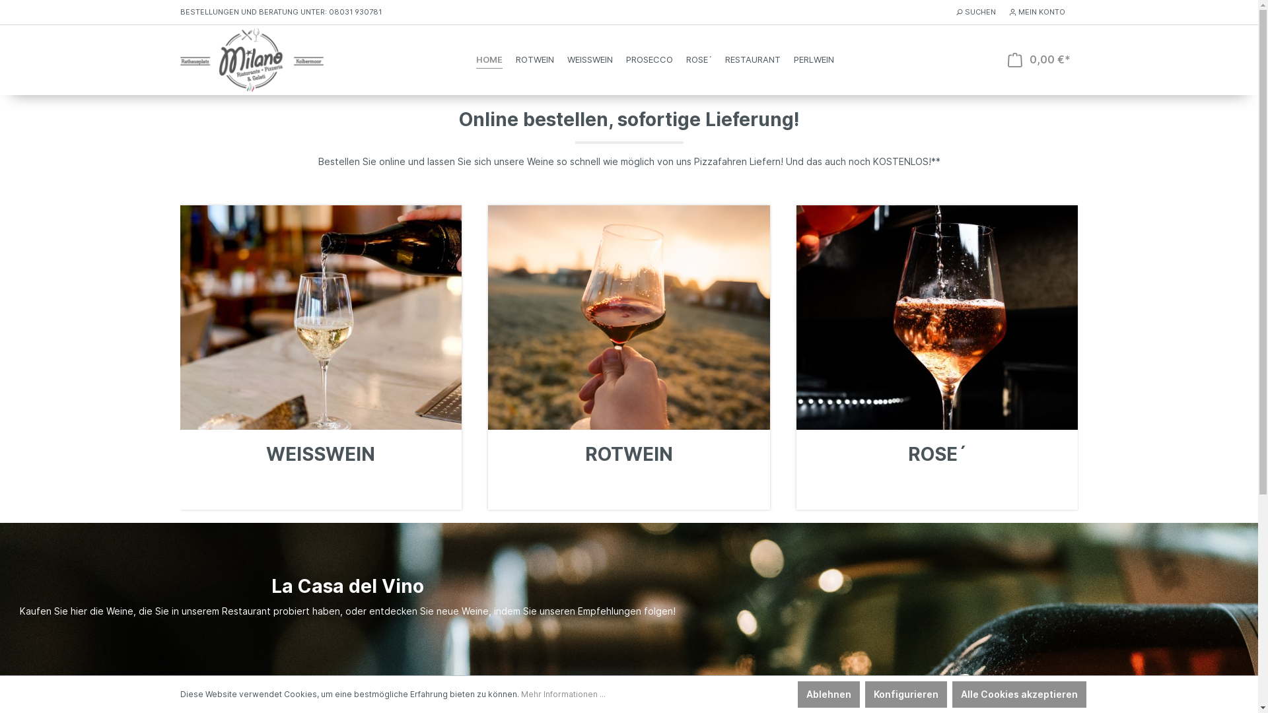 The height and width of the screenshot is (713, 1268). I want to click on 'PERLWEIN', so click(792, 60).